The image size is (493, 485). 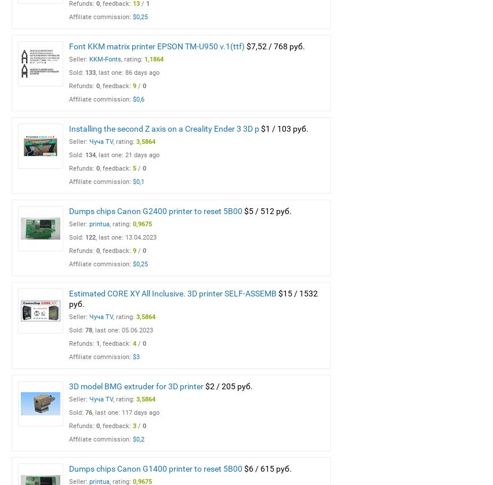 What do you see at coordinates (89, 330) in the screenshot?
I see `'78'` at bounding box center [89, 330].